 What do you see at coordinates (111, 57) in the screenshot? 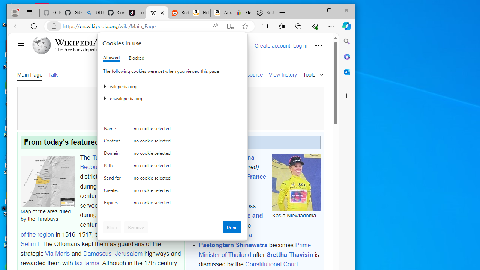
I see `'Allowed'` at bounding box center [111, 57].